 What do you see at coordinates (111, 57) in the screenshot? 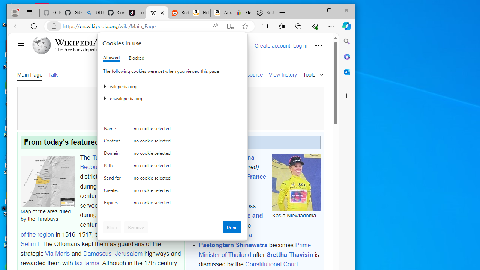
I see `'Allowed'` at bounding box center [111, 57].